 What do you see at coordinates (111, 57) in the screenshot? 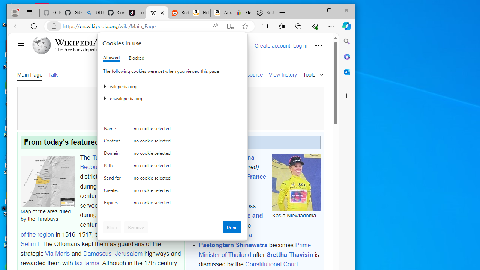
I see `'Allowed'` at bounding box center [111, 57].